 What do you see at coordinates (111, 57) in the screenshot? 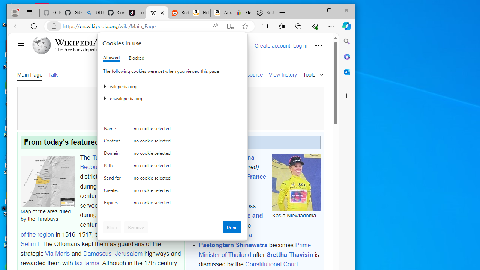
I see `'Allowed'` at bounding box center [111, 57].